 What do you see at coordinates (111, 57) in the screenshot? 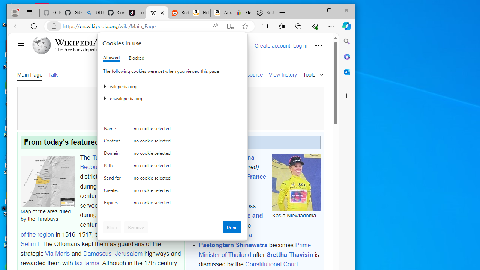
I see `'Allowed'` at bounding box center [111, 57].